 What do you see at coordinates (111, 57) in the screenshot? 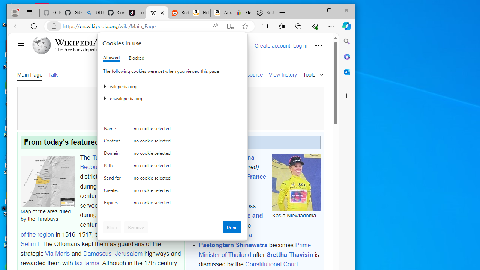
I see `'Allowed'` at bounding box center [111, 57].